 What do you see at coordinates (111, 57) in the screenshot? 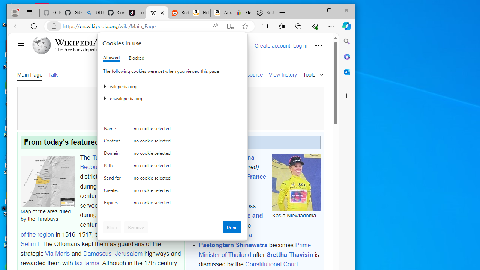
I see `'Allowed'` at bounding box center [111, 57].